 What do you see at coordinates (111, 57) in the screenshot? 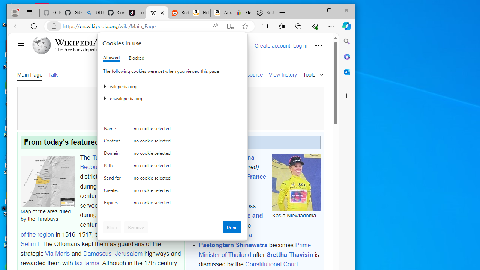
I see `'Allowed'` at bounding box center [111, 57].